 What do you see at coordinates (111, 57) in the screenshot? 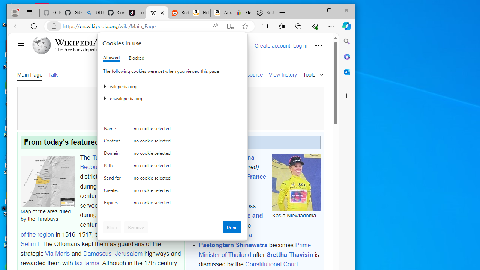
I see `'Allowed'` at bounding box center [111, 57].